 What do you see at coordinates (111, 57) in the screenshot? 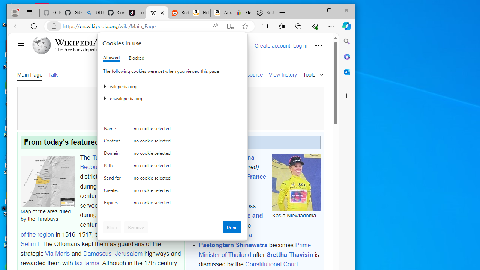
I see `'Allowed'` at bounding box center [111, 57].